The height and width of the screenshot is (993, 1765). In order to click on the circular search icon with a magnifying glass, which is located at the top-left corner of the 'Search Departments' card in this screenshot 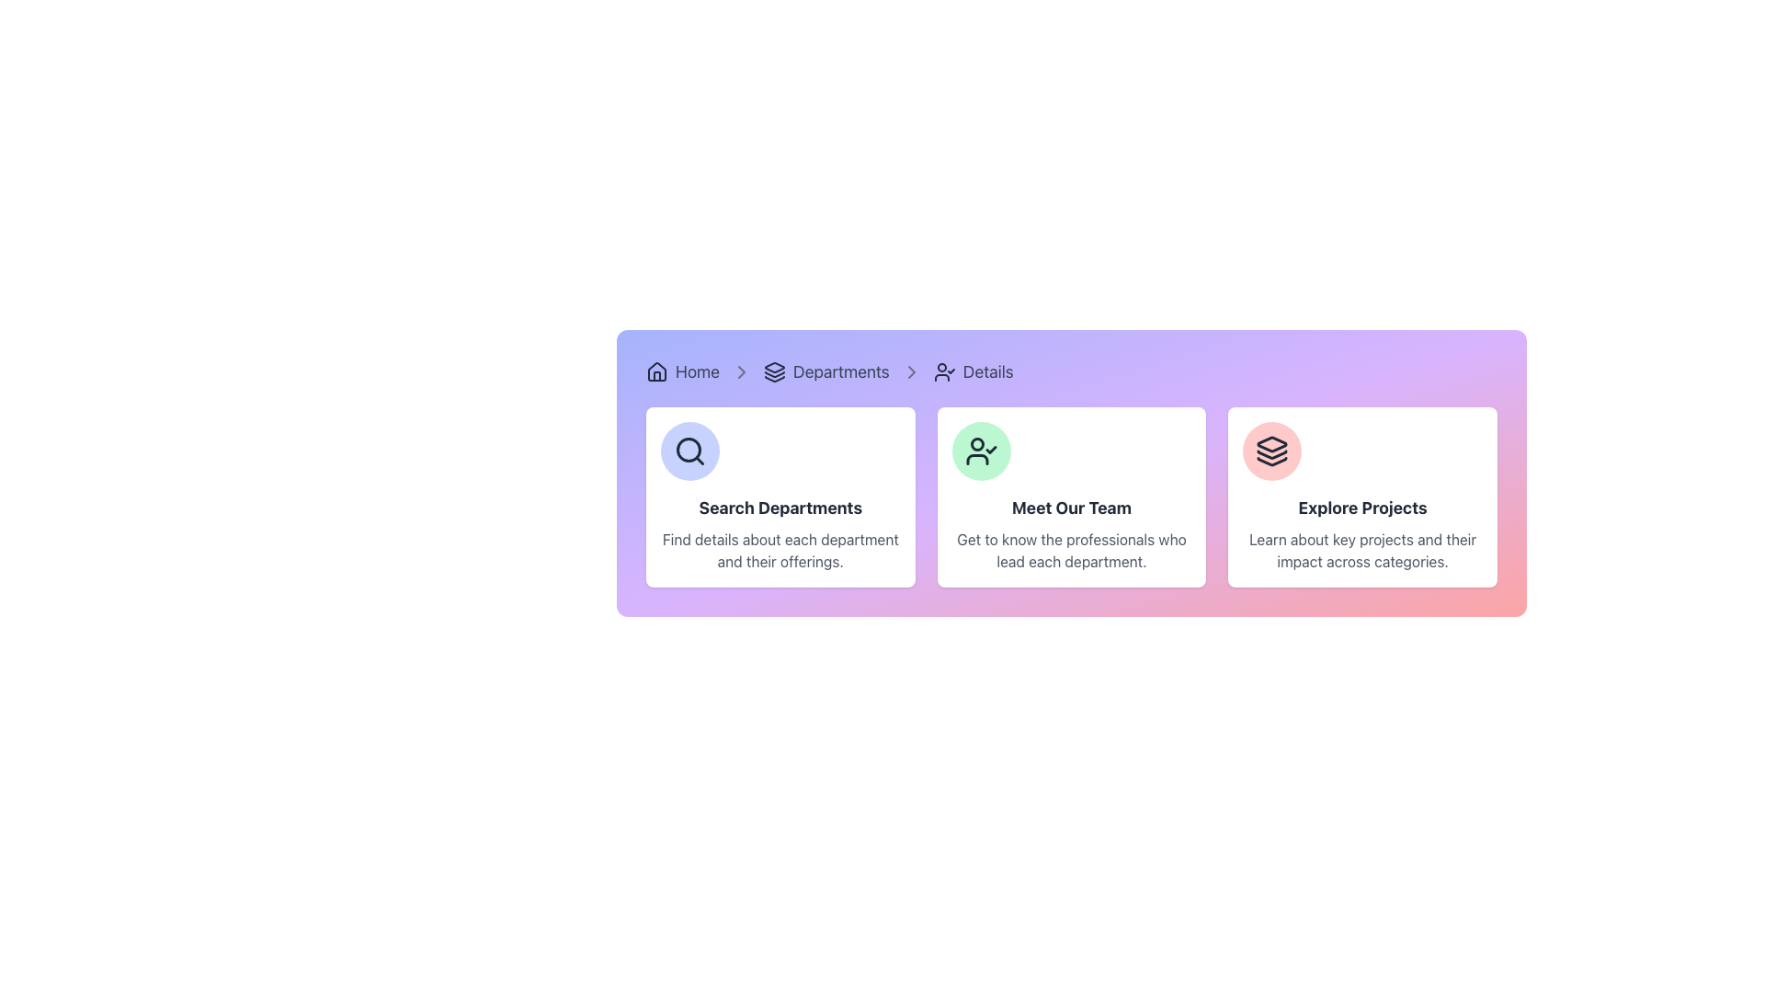, I will do `click(689, 451)`.